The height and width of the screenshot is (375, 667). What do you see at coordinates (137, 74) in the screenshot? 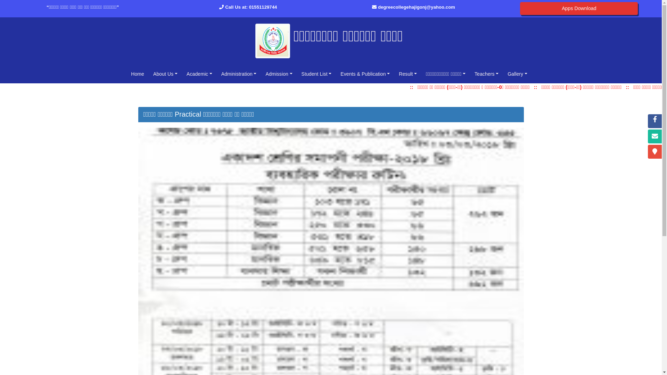
I see `'Home` at bounding box center [137, 74].